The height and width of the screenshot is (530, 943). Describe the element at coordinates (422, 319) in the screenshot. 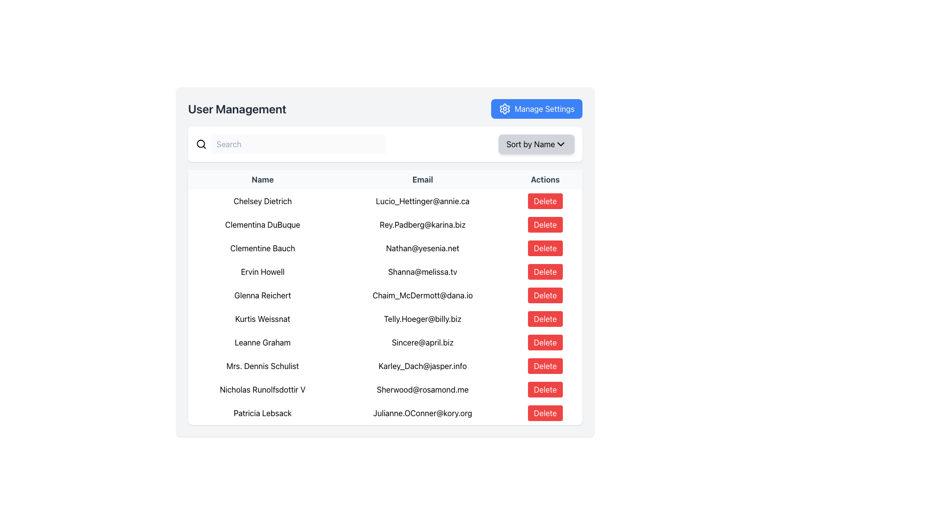

I see `the Text Label displaying the email address for user 'Kurtis Weissnat' located in the 'Email' column of the table` at that location.